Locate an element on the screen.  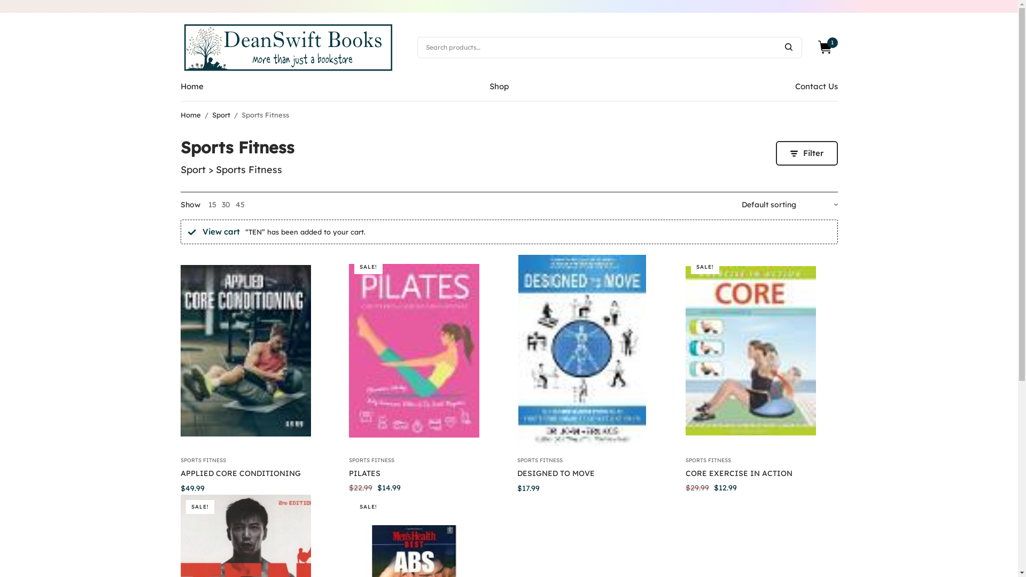
'SPORTS FITNESS' is located at coordinates (540, 459).